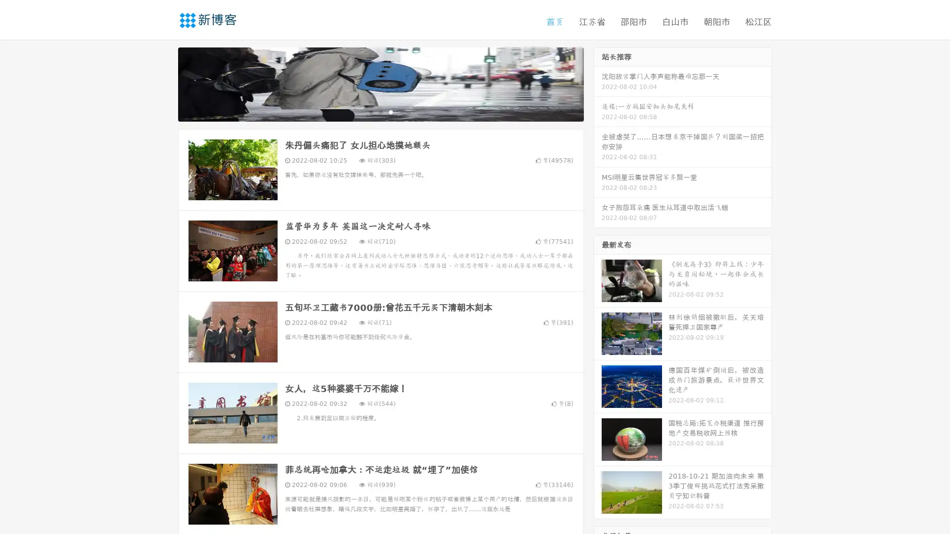 Image resolution: width=950 pixels, height=534 pixels. I want to click on Previous slide, so click(163, 83).